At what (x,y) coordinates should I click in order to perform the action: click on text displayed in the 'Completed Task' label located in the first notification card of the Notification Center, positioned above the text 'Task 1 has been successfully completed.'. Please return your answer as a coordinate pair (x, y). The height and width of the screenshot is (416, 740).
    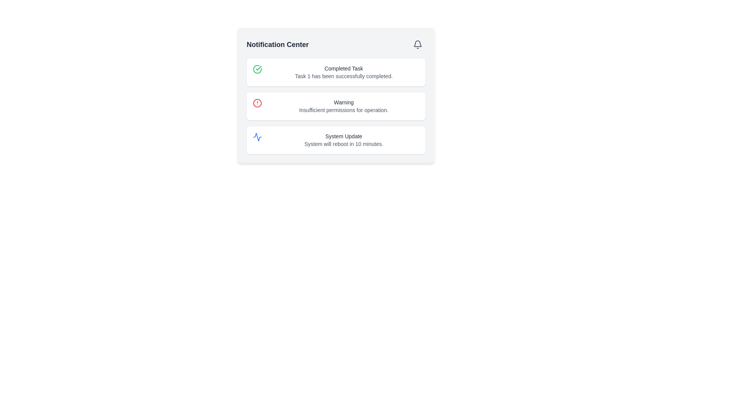
    Looking at the image, I should click on (343, 68).